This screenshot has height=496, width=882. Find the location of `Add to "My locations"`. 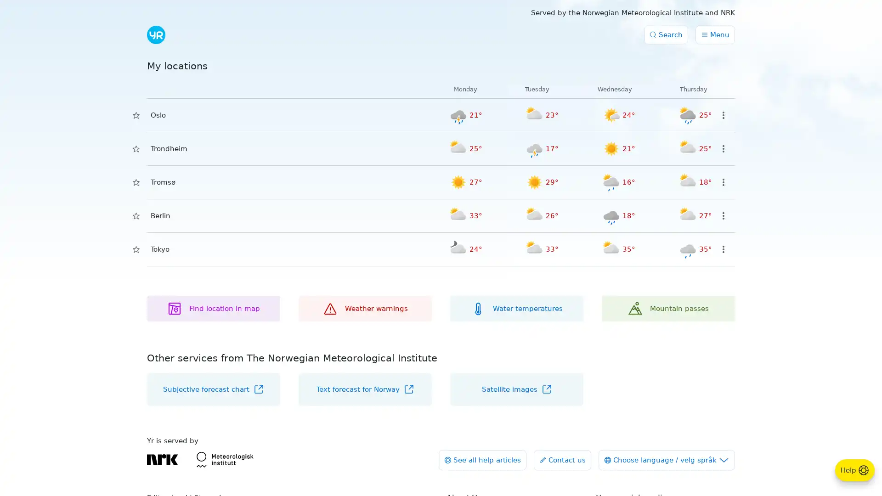

Add to "My locations" is located at coordinates (136, 182).